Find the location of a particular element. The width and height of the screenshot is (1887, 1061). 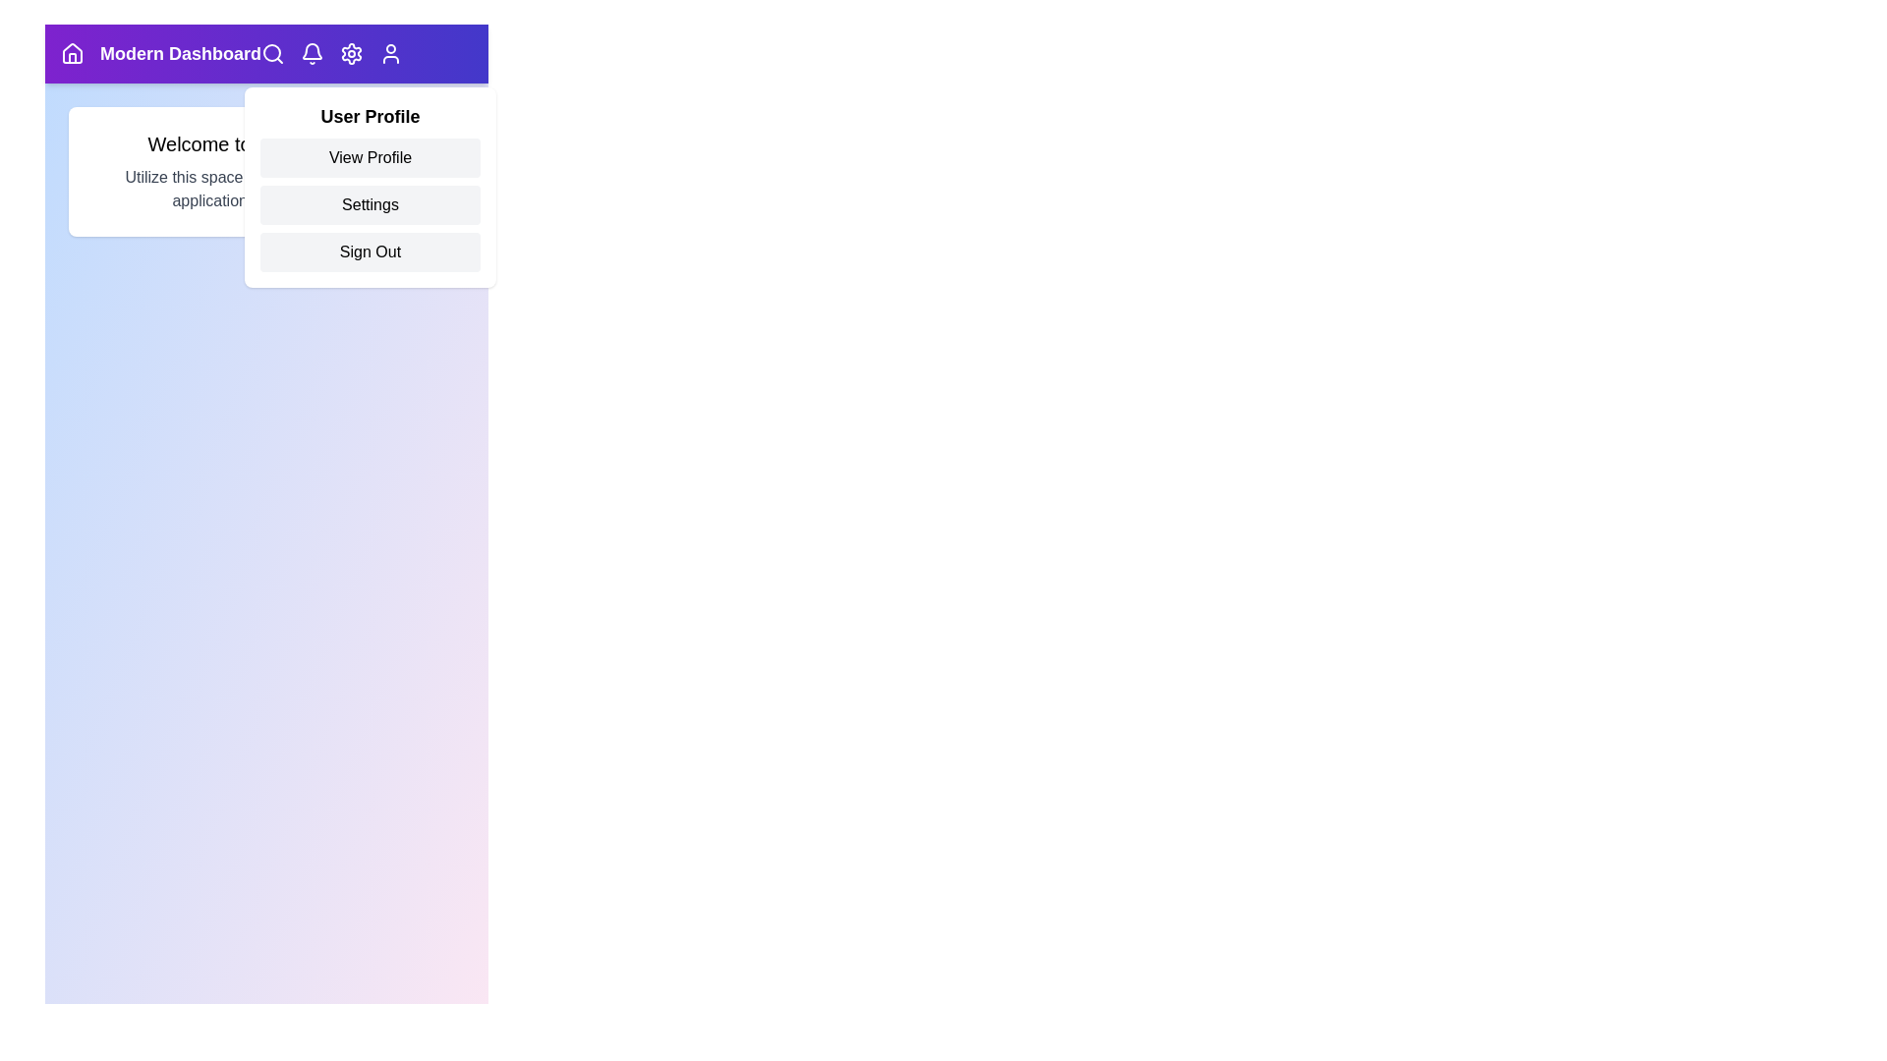

the settings icon in the app bar to access the application settings is located at coordinates (352, 52).